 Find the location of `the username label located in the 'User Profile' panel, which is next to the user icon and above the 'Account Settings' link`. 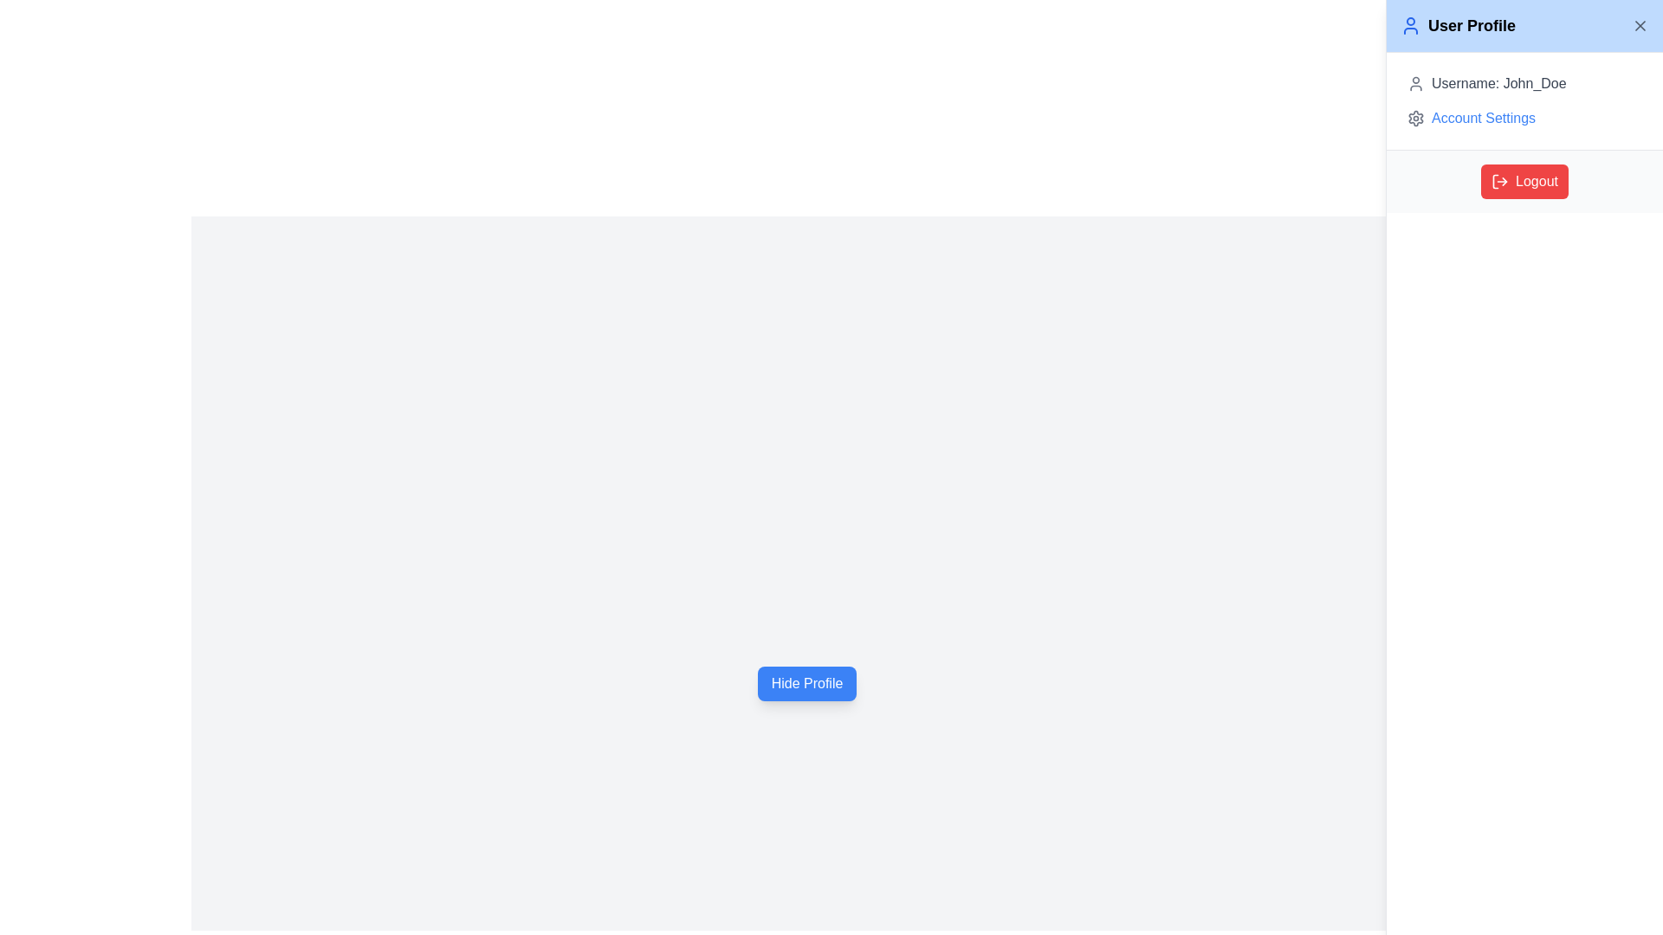

the username label located in the 'User Profile' panel, which is next to the user icon and above the 'Account Settings' link is located at coordinates (1498, 83).